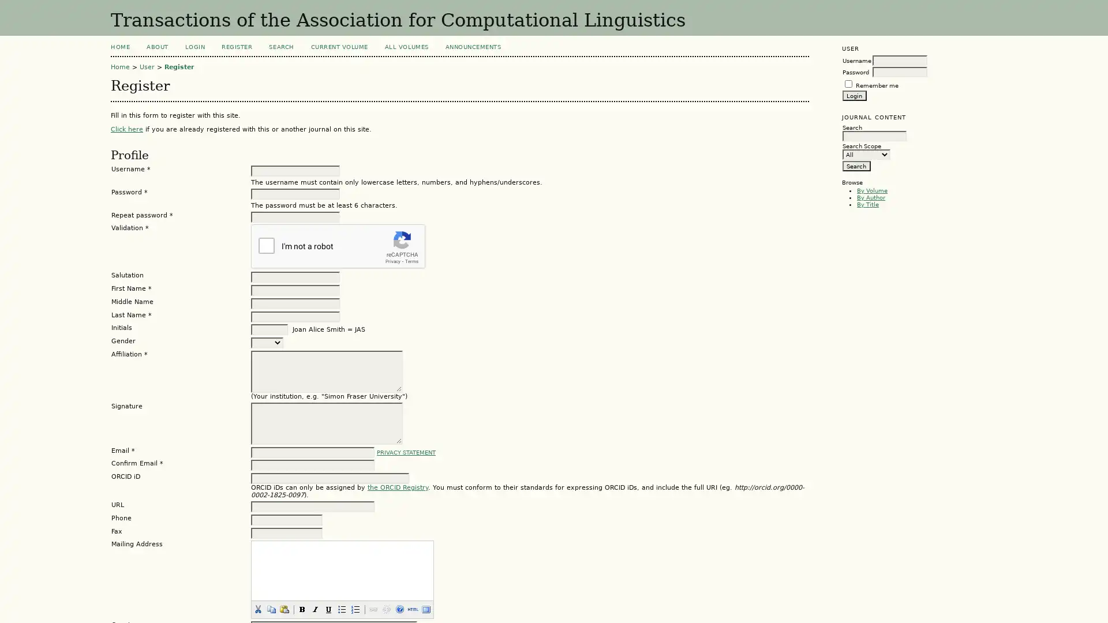 Image resolution: width=1108 pixels, height=623 pixels. What do you see at coordinates (354, 609) in the screenshot?
I see `Insert/Remove Numbered List` at bounding box center [354, 609].